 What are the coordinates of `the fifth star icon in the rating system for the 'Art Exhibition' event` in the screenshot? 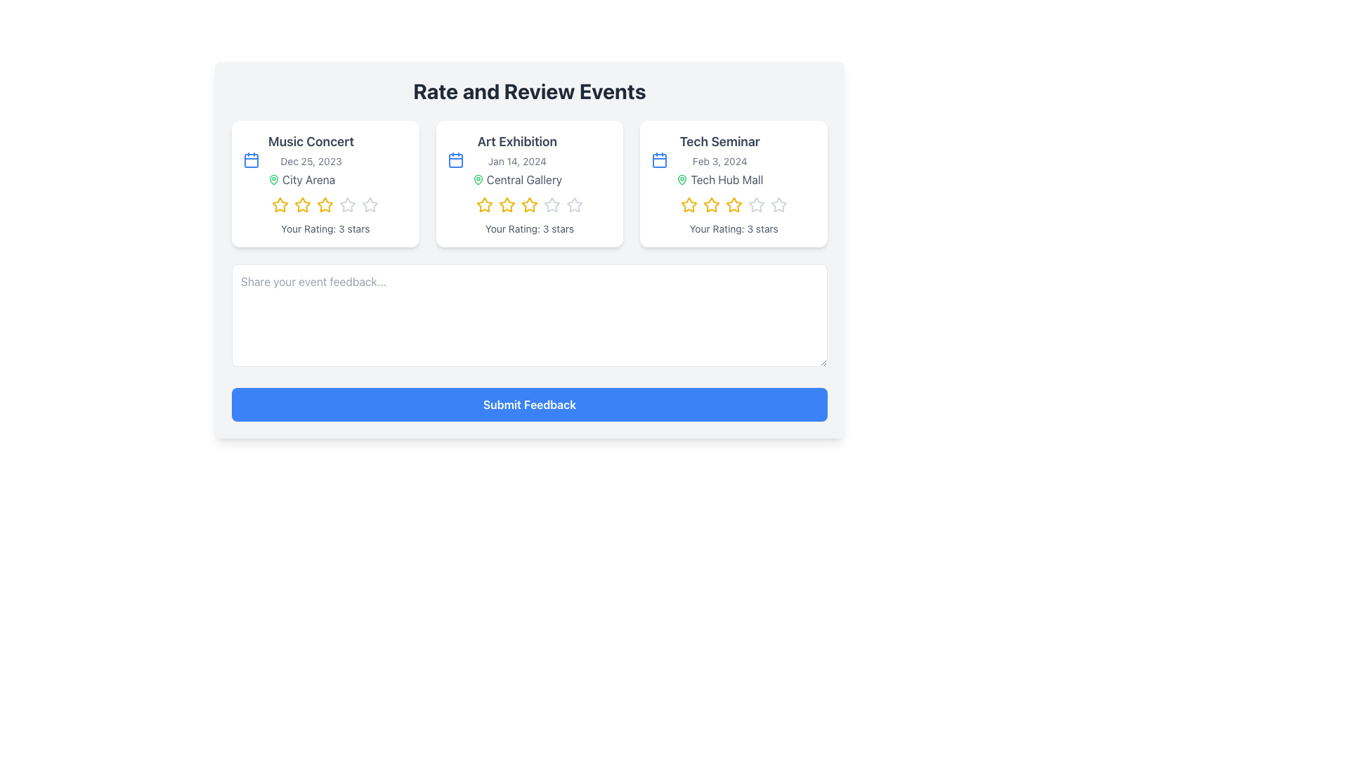 It's located at (574, 205).